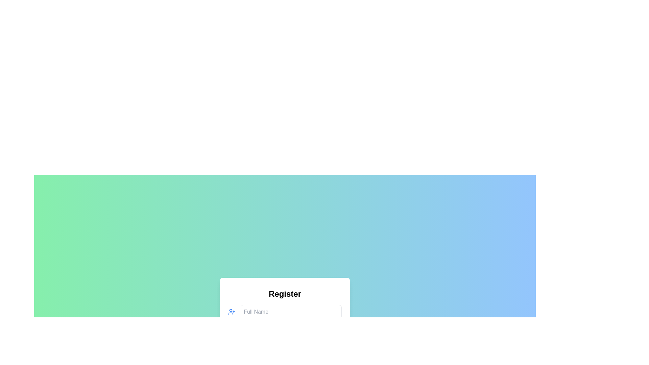 Image resolution: width=649 pixels, height=365 pixels. I want to click on the user addition icon located at the leftmost side of the form, next to the 'Full Name' text input field, so click(232, 312).